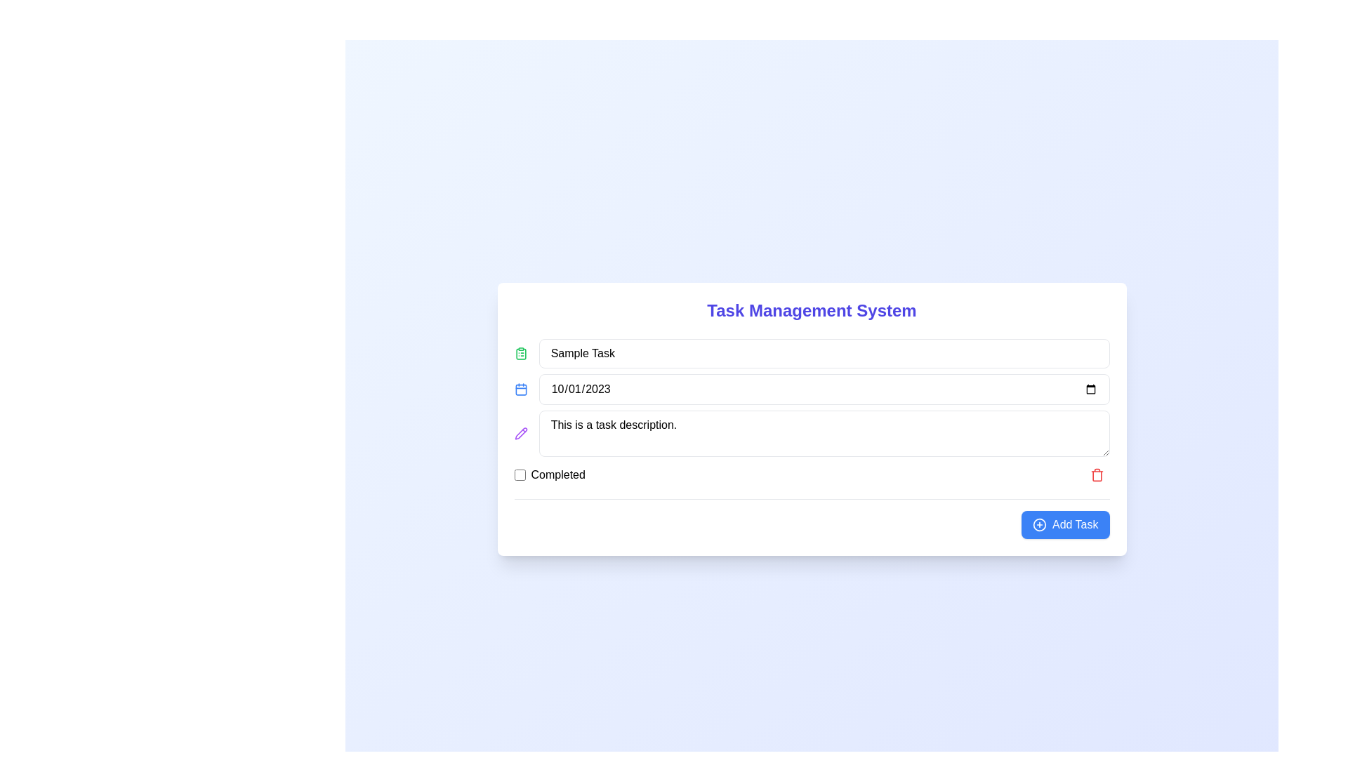 The width and height of the screenshot is (1348, 758). Describe the element at coordinates (519, 474) in the screenshot. I see `the square-shaped checkbox with a gray border and green checkmark` at that location.